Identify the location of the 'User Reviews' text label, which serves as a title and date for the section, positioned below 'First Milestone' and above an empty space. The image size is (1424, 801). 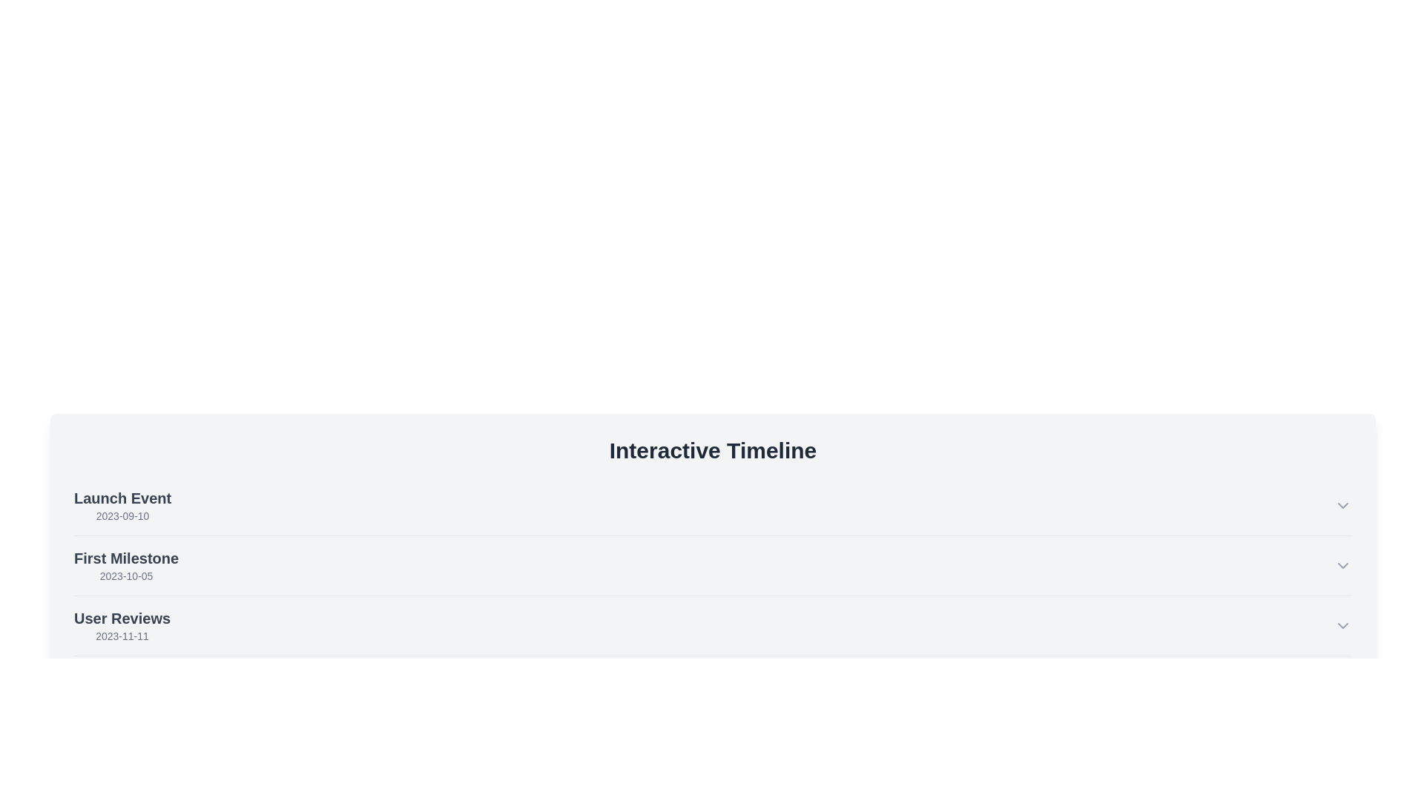
(122, 626).